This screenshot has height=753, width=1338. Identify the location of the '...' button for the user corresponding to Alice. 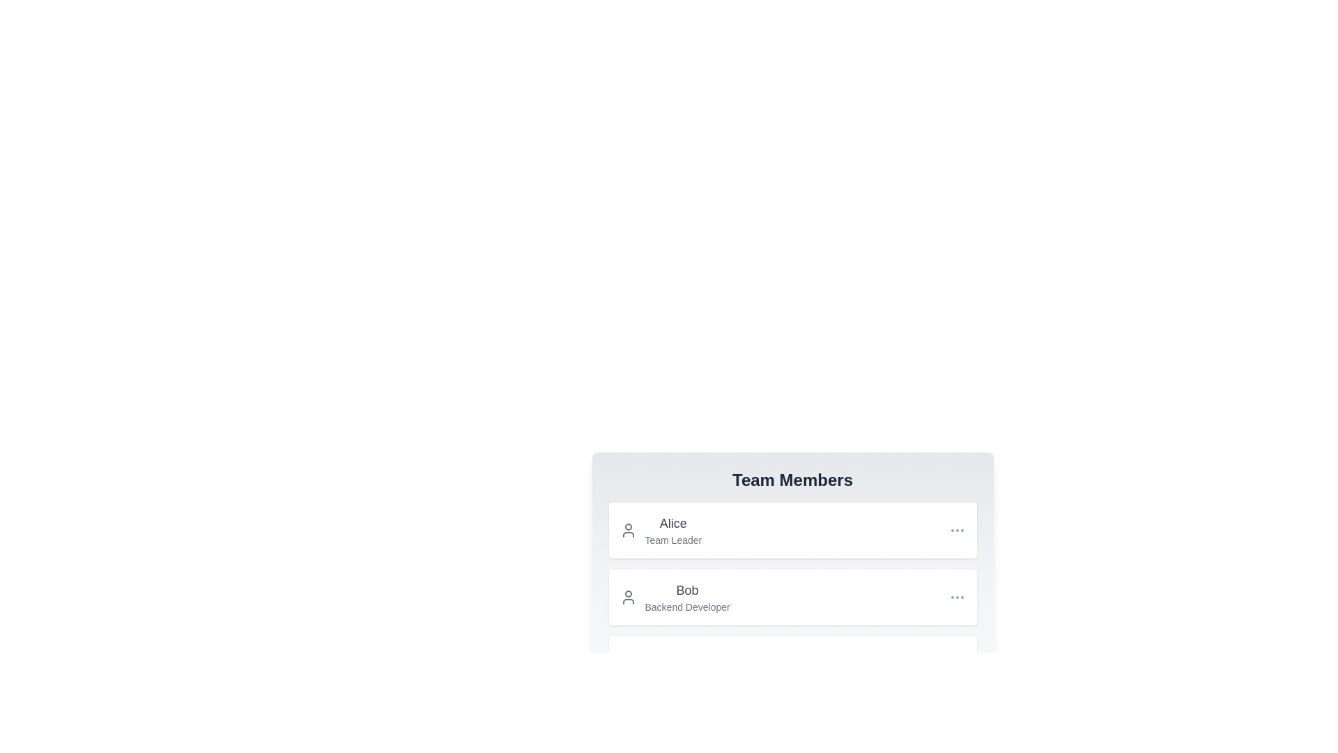
(956, 530).